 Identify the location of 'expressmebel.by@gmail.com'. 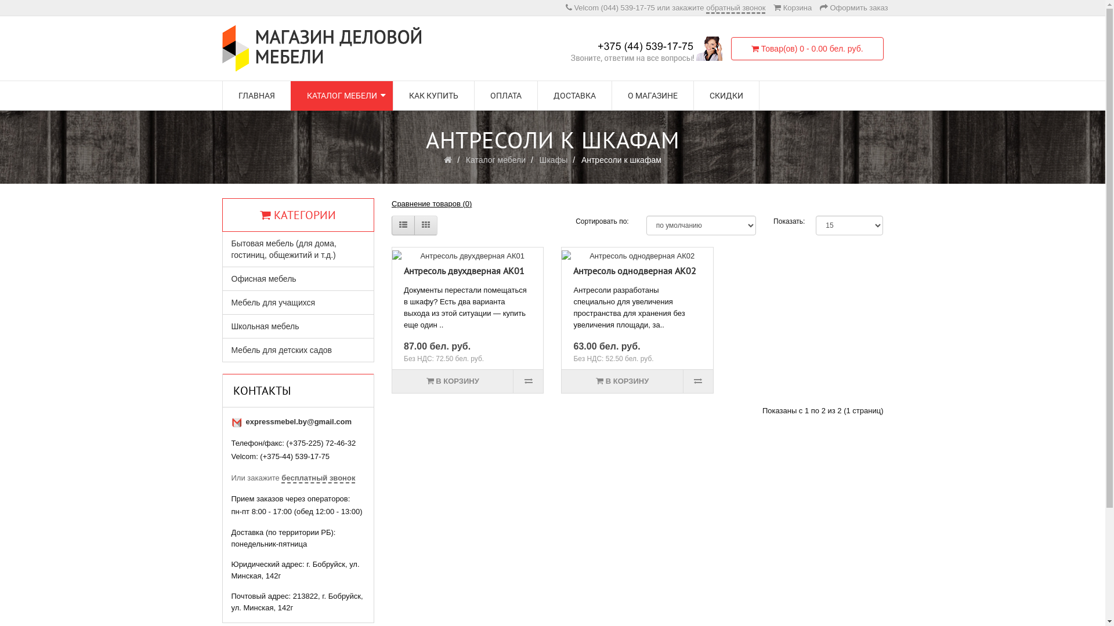
(298, 421).